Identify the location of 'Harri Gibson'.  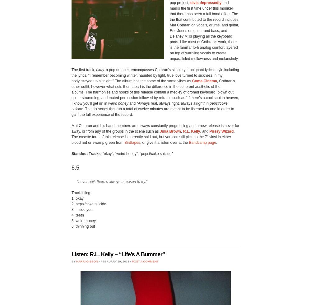
(87, 261).